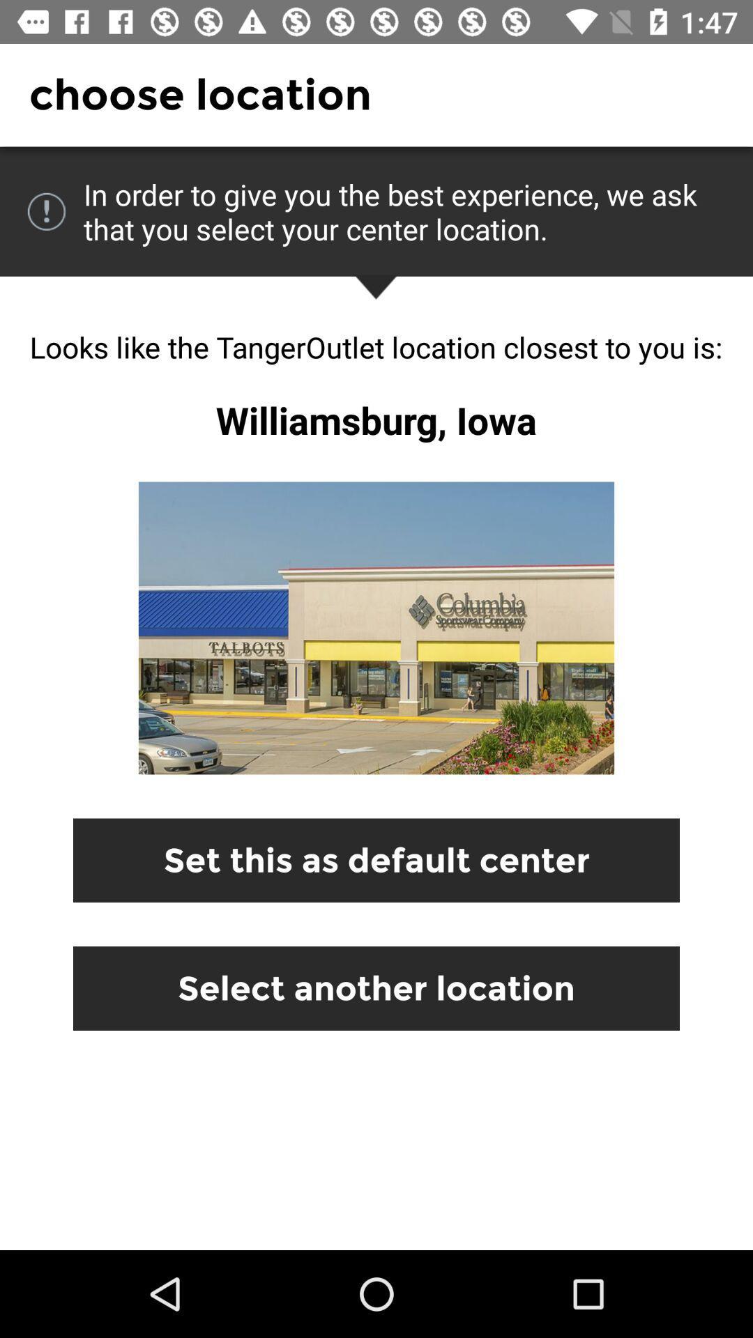 This screenshot has height=1338, width=753. Describe the element at coordinates (376, 859) in the screenshot. I see `icon above select another location icon` at that location.